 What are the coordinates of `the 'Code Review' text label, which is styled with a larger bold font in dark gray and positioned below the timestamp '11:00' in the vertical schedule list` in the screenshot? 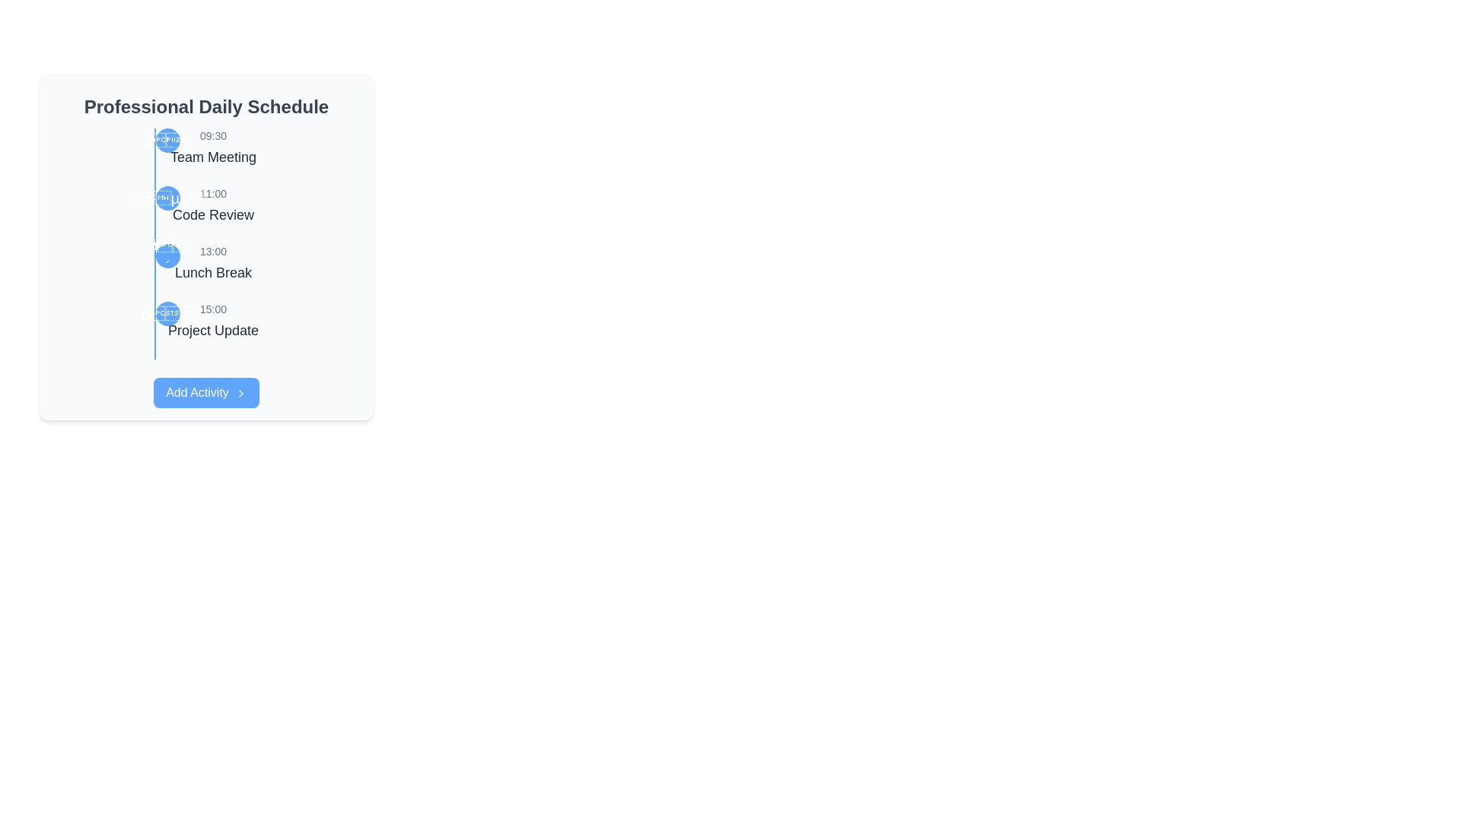 It's located at (212, 214).